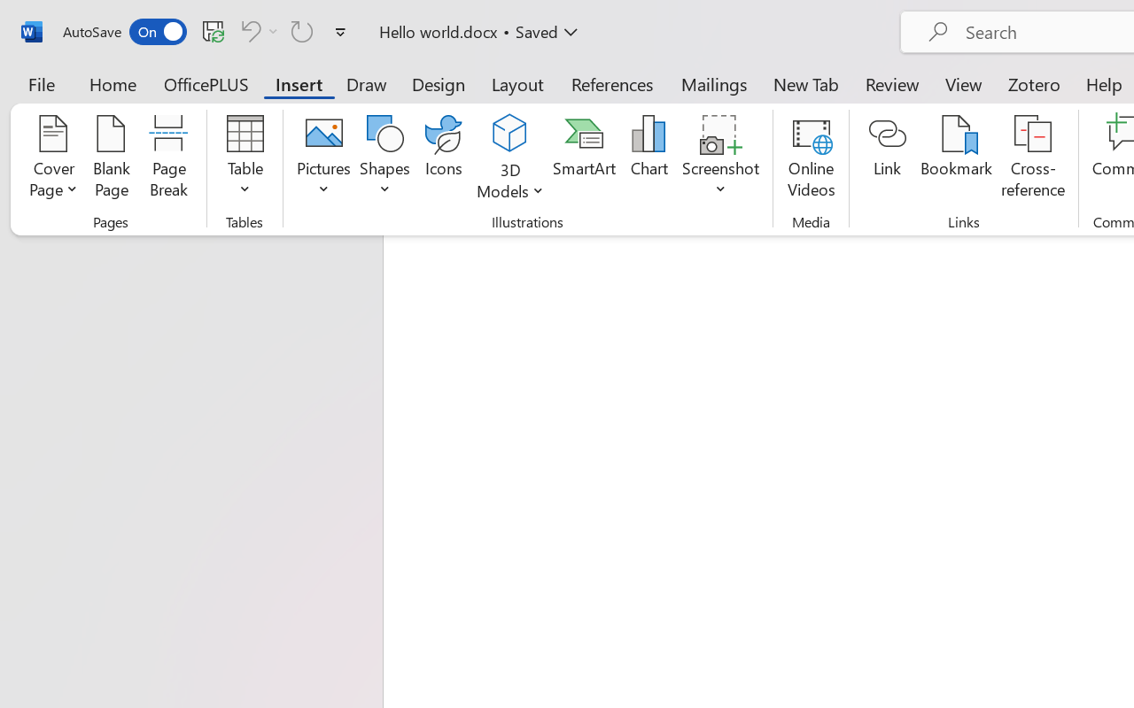 This screenshot has width=1134, height=708. Describe the element at coordinates (612, 83) in the screenshot. I see `'References'` at that location.